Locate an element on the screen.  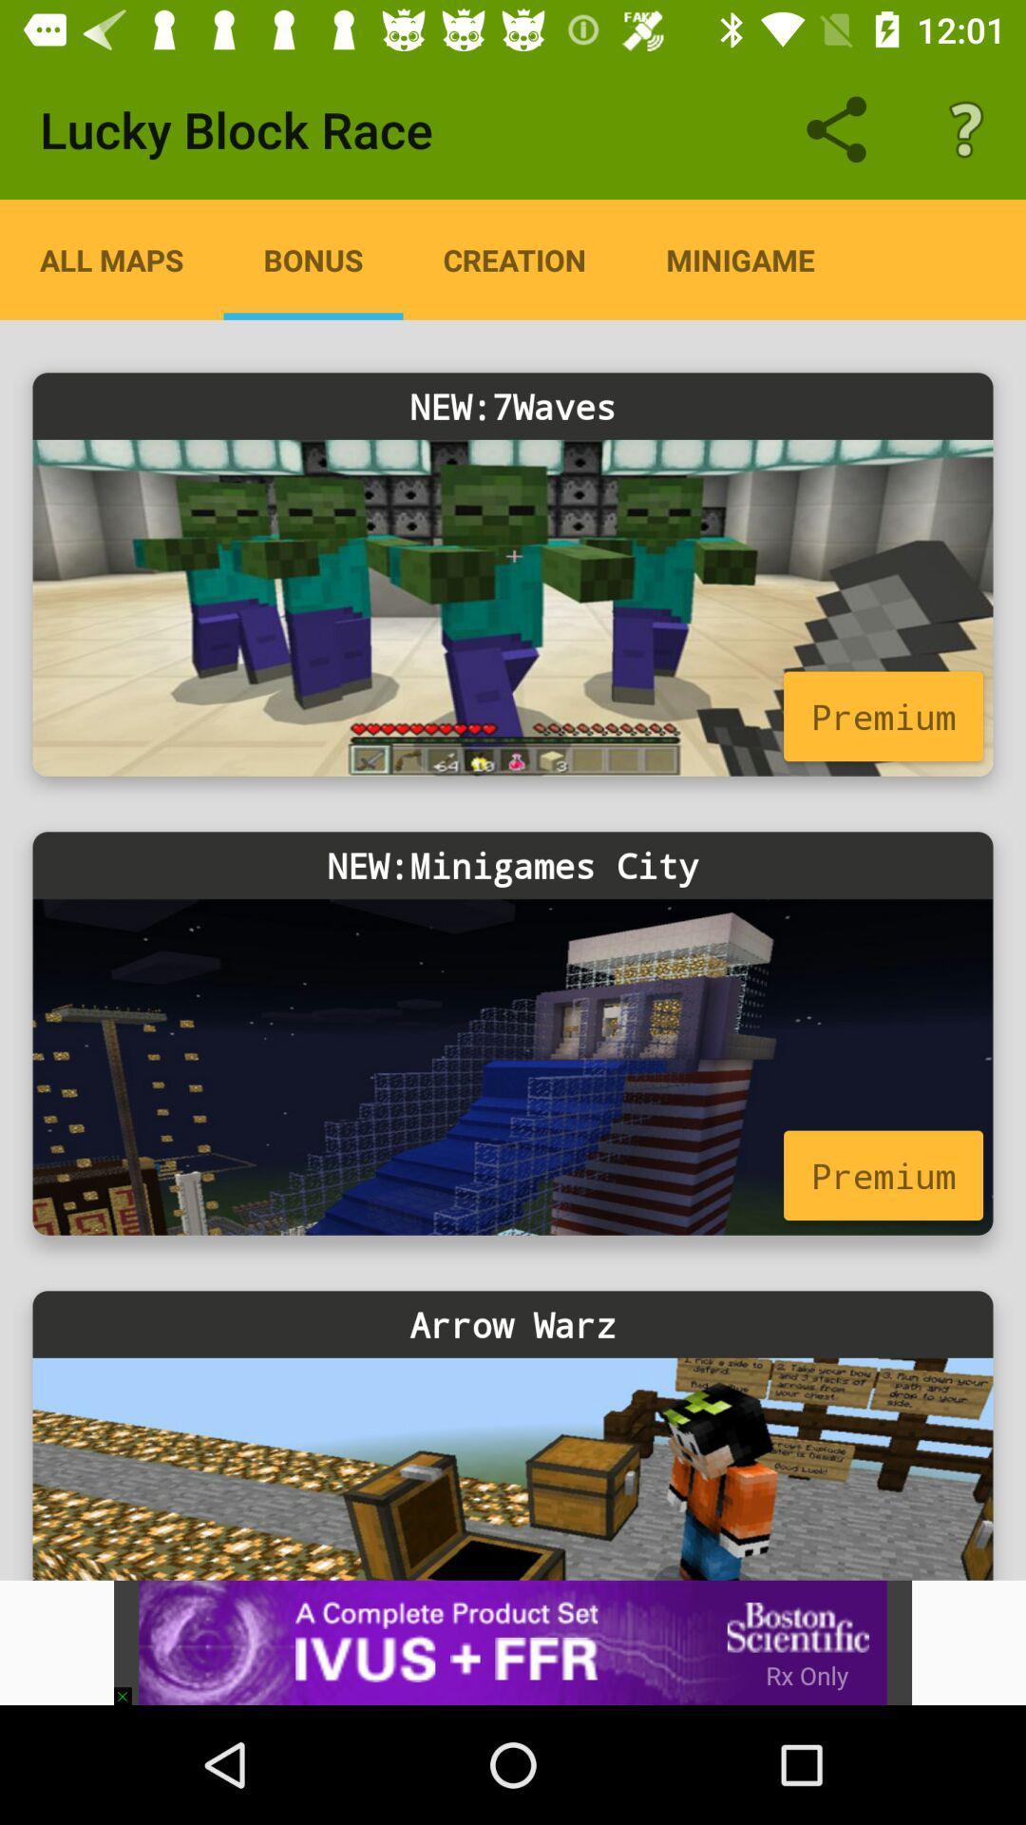
the icon above the new:7waves is located at coordinates (739, 259).